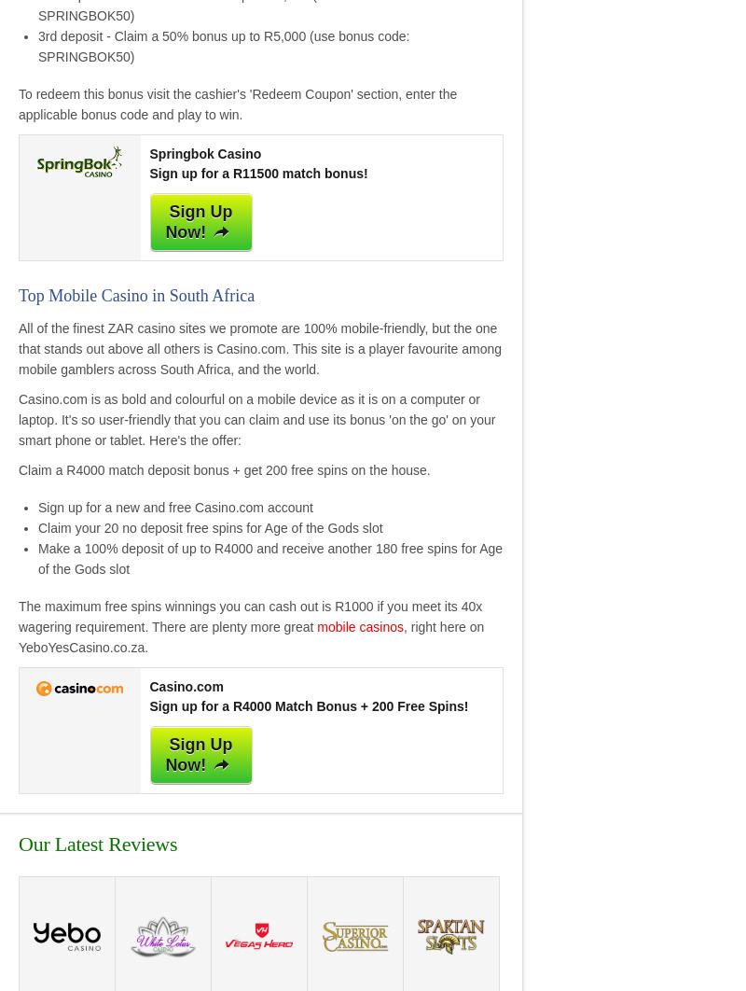  Describe the element at coordinates (237, 103) in the screenshot. I see `'To redeem this bonus visit the cashier's 'Redeem Coupon' section, enter the applicable bonus code and play to win.'` at that location.